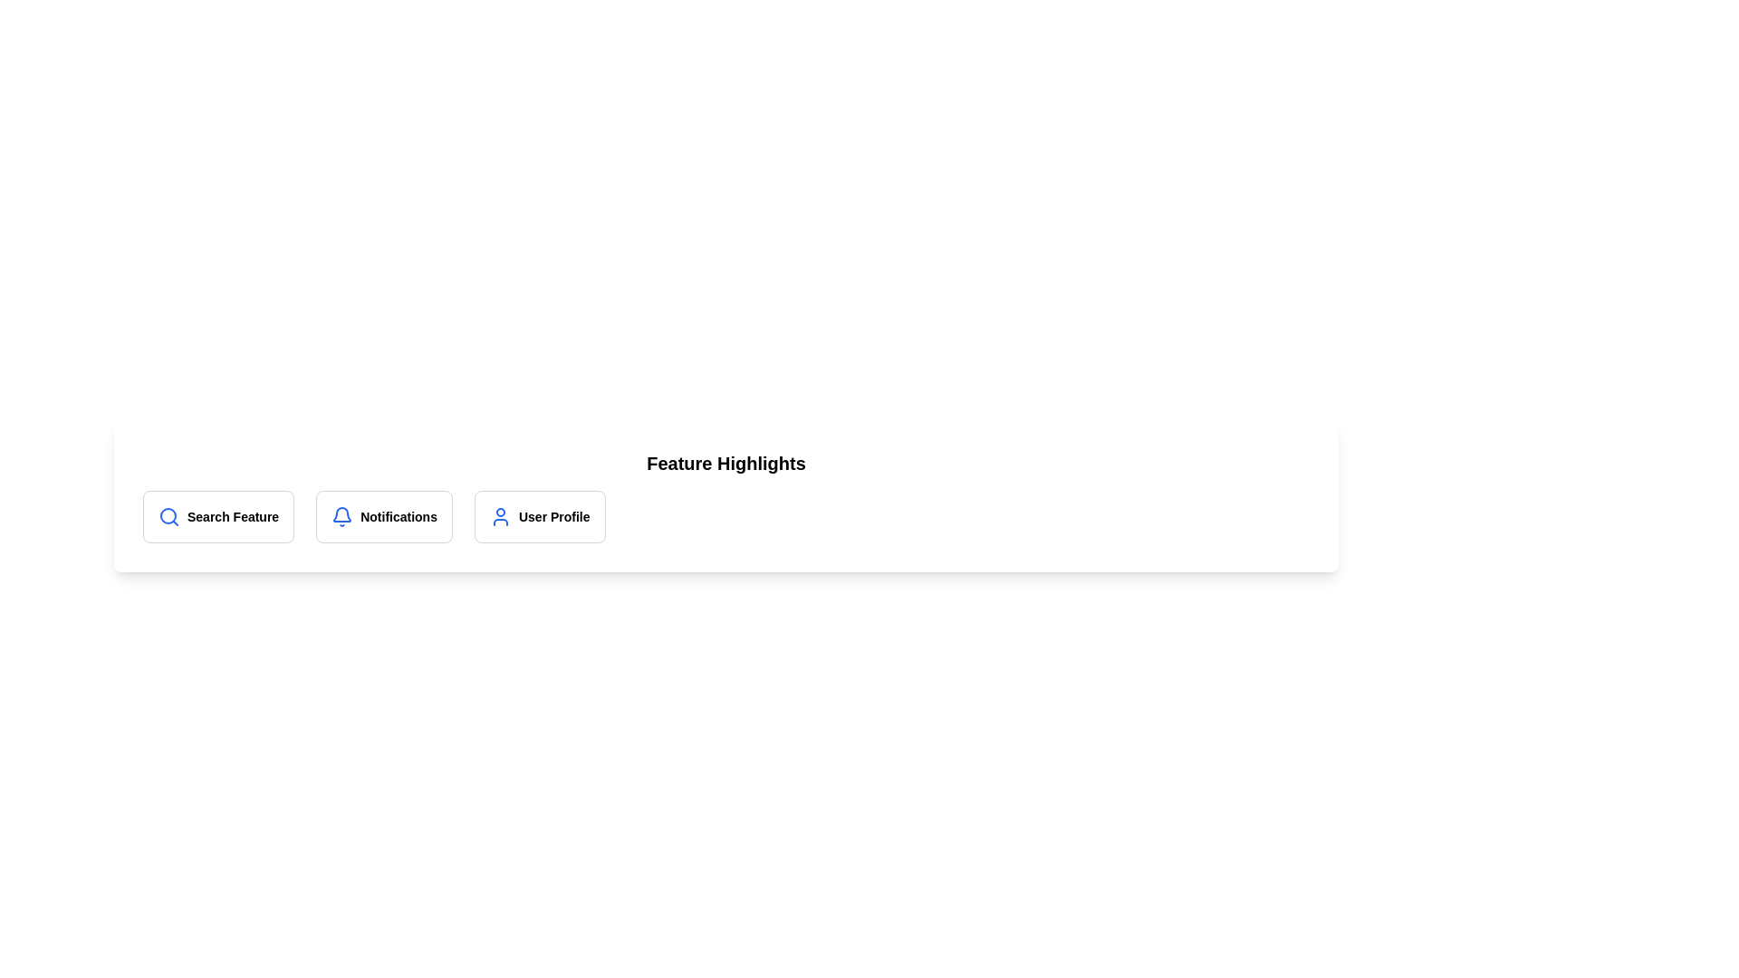 The image size is (1739, 978). Describe the element at coordinates (539, 516) in the screenshot. I see `the chip corresponding to User Profile` at that location.